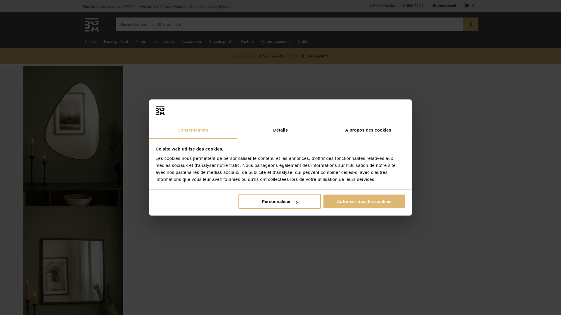 This screenshot has width=561, height=315. Describe the element at coordinates (116, 41) in the screenshot. I see `'Passe-partout'` at that location.